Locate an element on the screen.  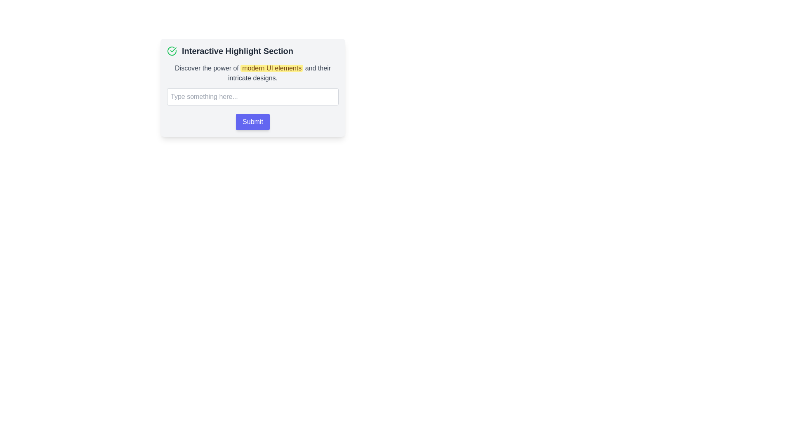
the circular green icon with a checkmark inside, located at the top-left corner of the 'Interactive Highlight Section' card, for accessibility purposes is located at coordinates (172, 51).